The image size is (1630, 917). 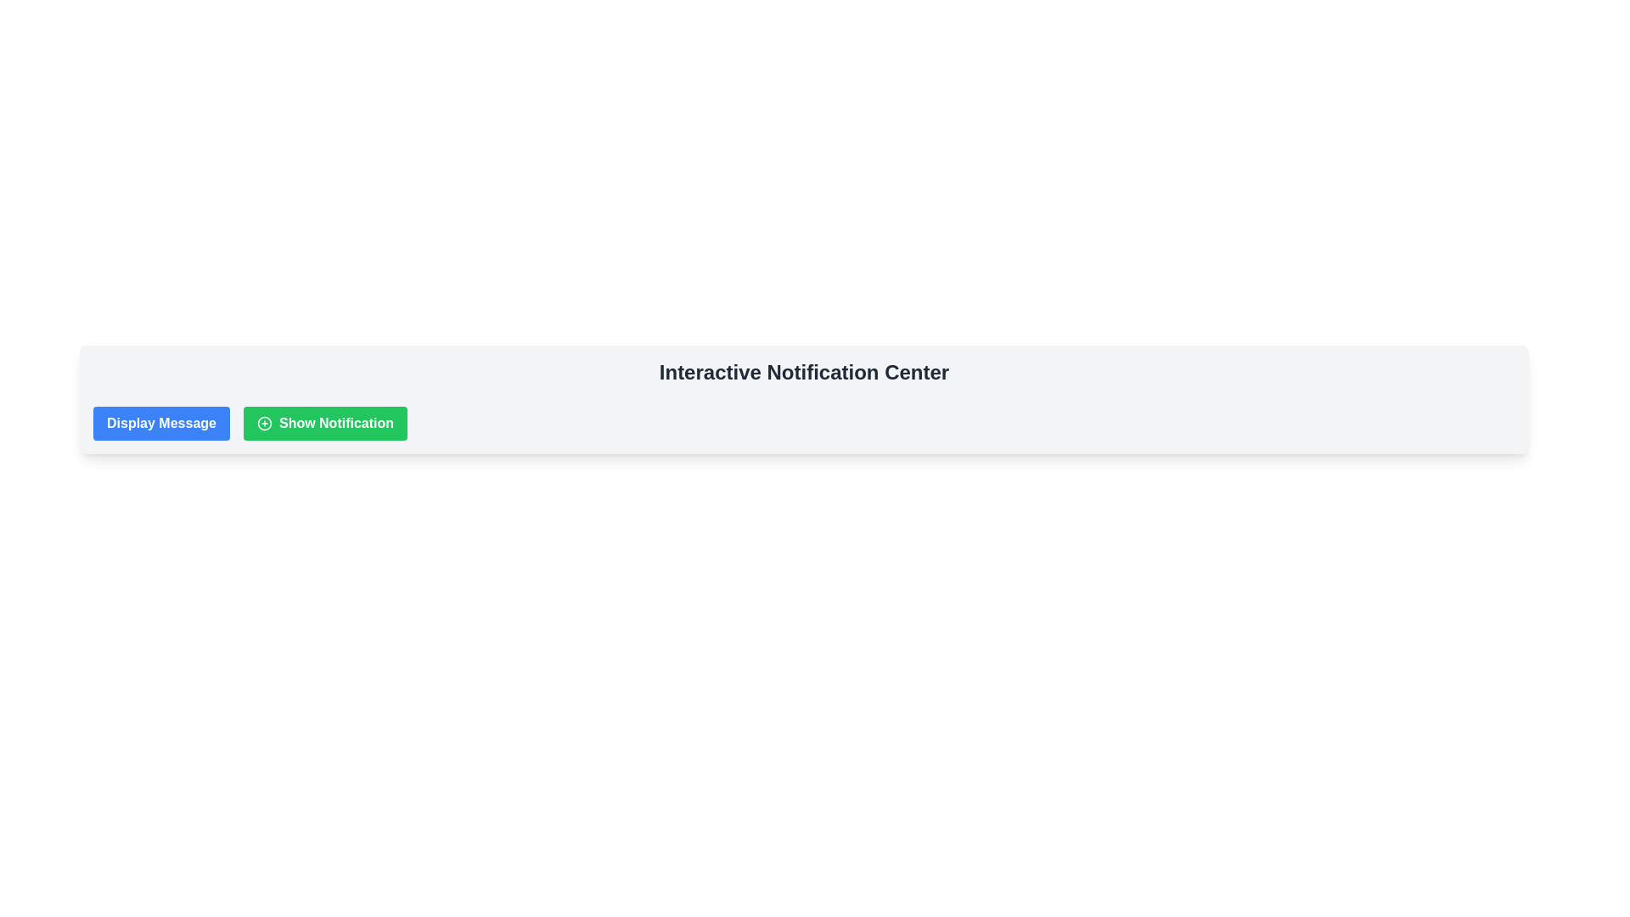 What do you see at coordinates (264, 422) in the screenshot?
I see `the decorative icon located to the left of the 'Show Notification' text inside the green button labeled 'Show Notification'` at bounding box center [264, 422].